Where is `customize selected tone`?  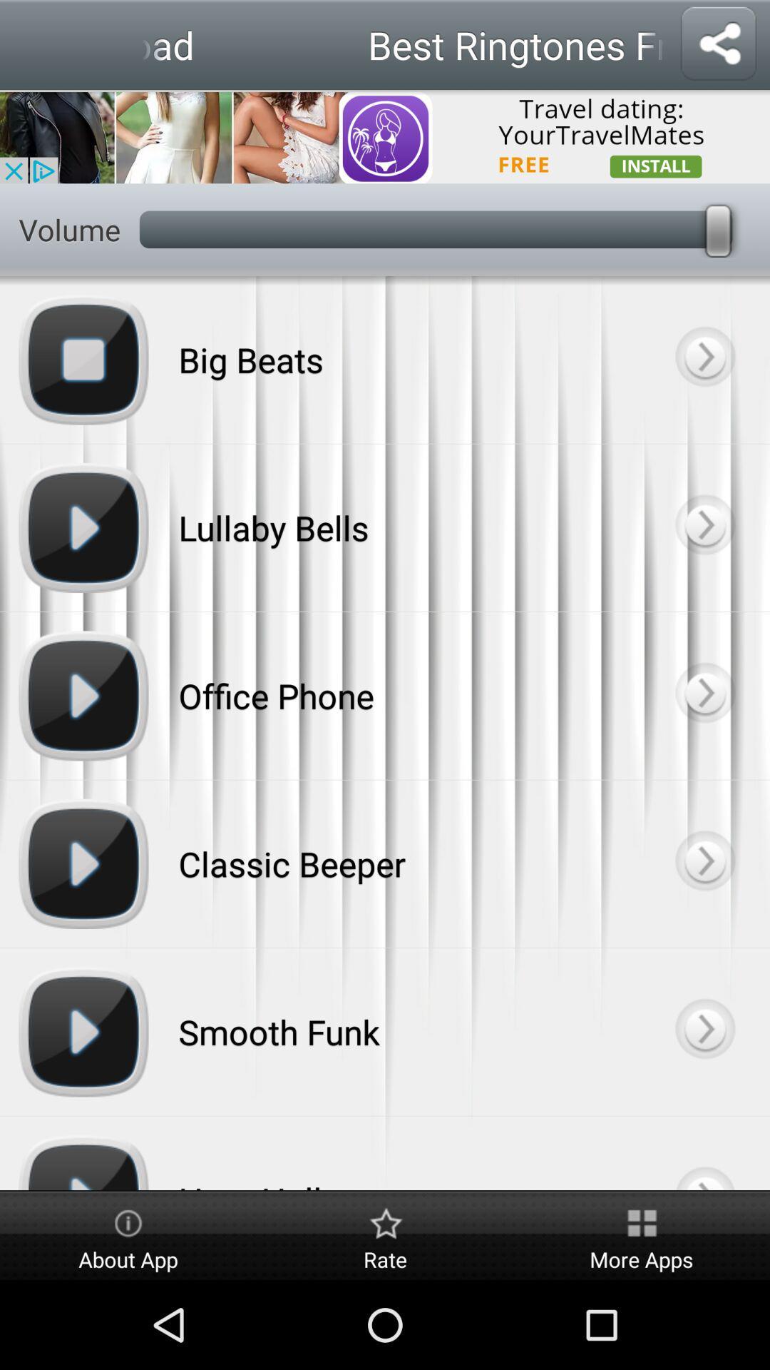 customize selected tone is located at coordinates (704, 696).